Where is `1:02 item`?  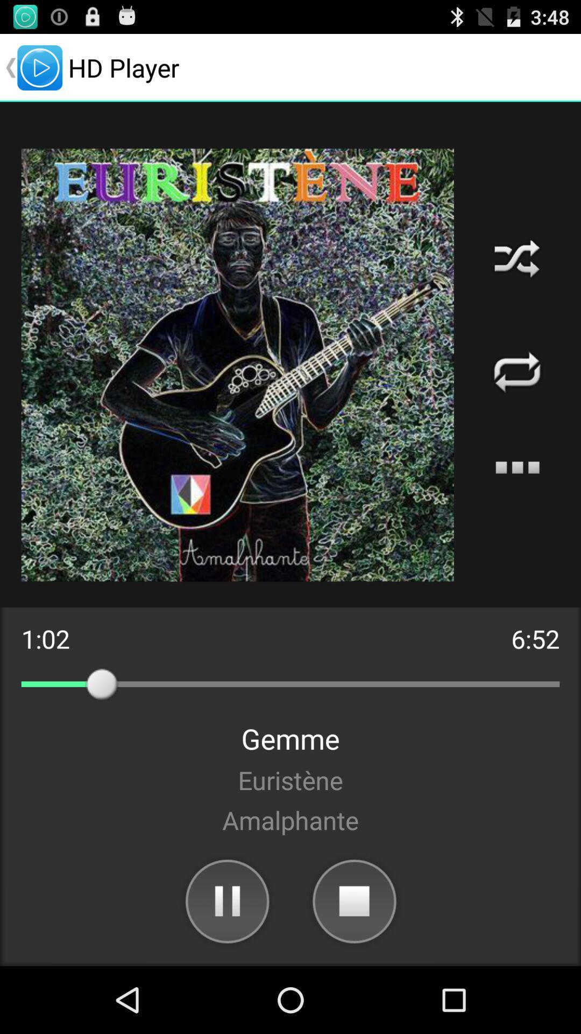 1:02 item is located at coordinates (45, 639).